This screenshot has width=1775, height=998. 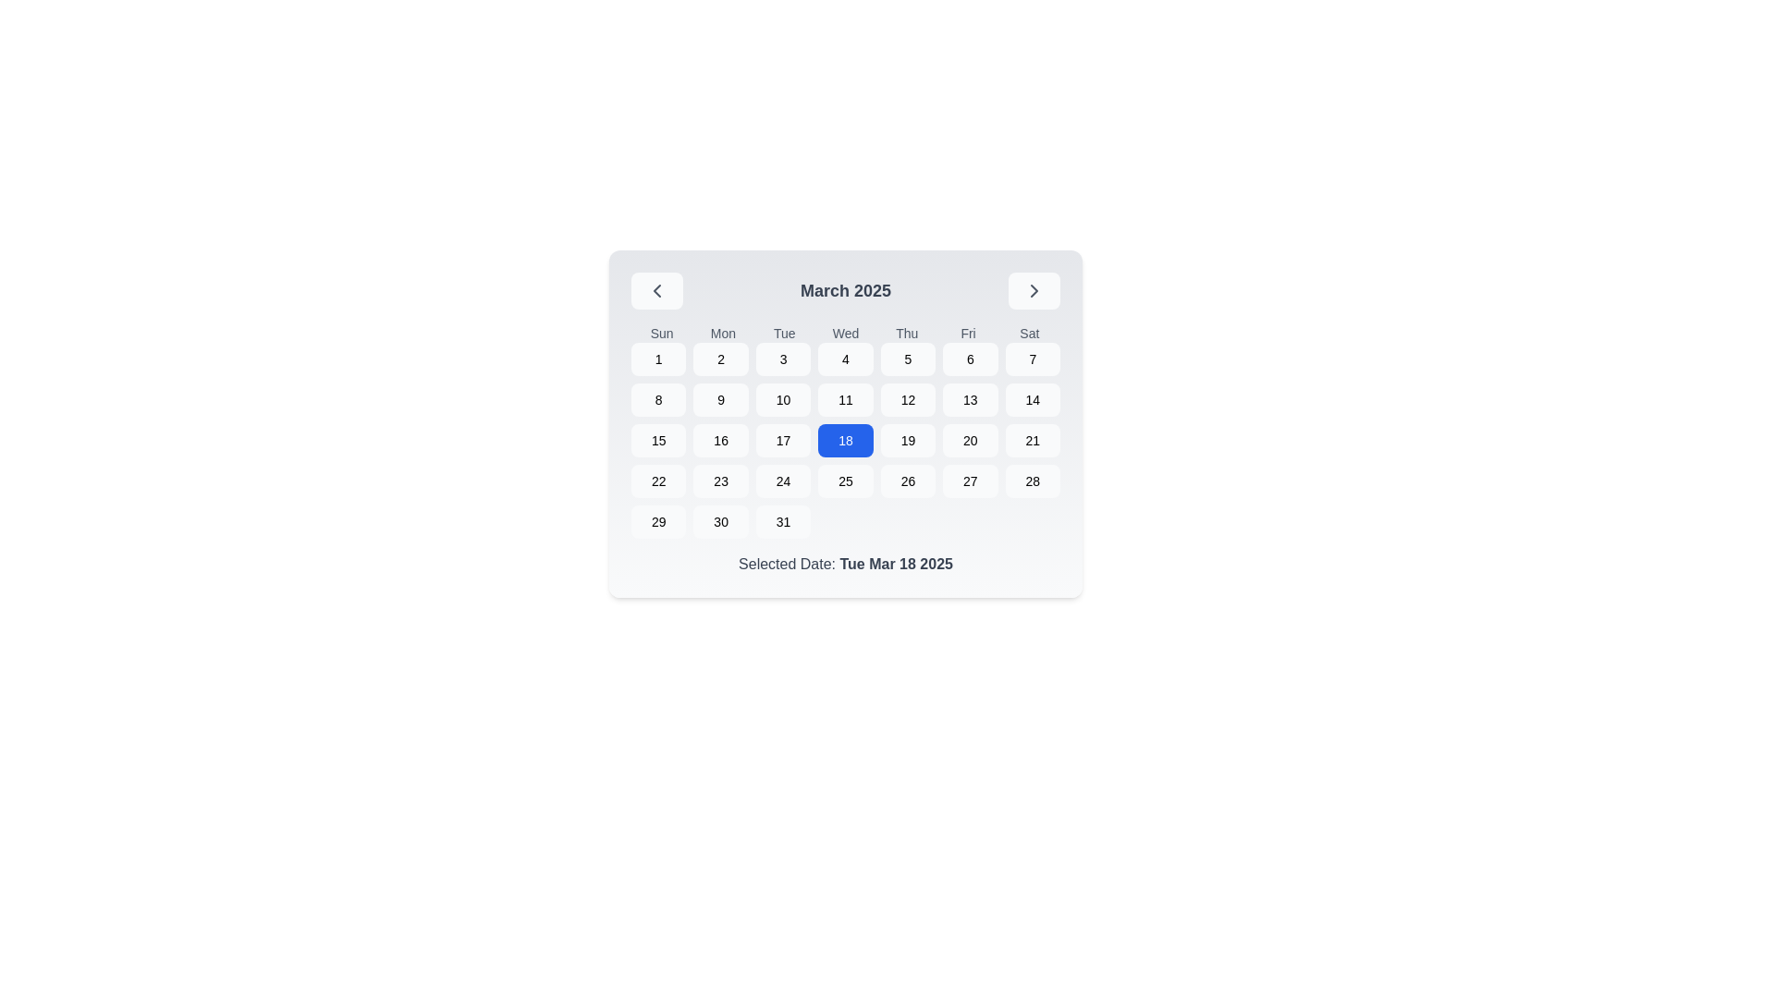 I want to click on the small left-pointing chevron icon located at the top-left corner of the calendar component, adjacent to the month heading 'March 2025', so click(x=656, y=291).